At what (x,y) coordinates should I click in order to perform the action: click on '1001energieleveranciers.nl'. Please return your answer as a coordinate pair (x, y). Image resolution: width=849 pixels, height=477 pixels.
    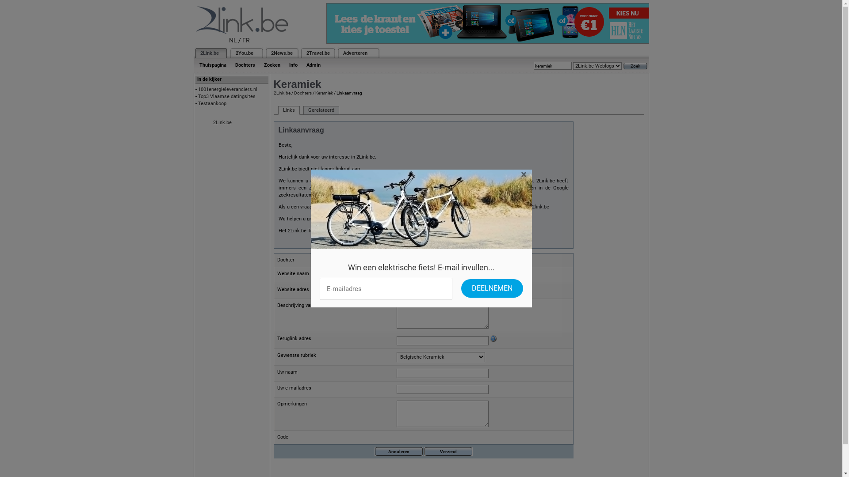
    Looking at the image, I should click on (227, 89).